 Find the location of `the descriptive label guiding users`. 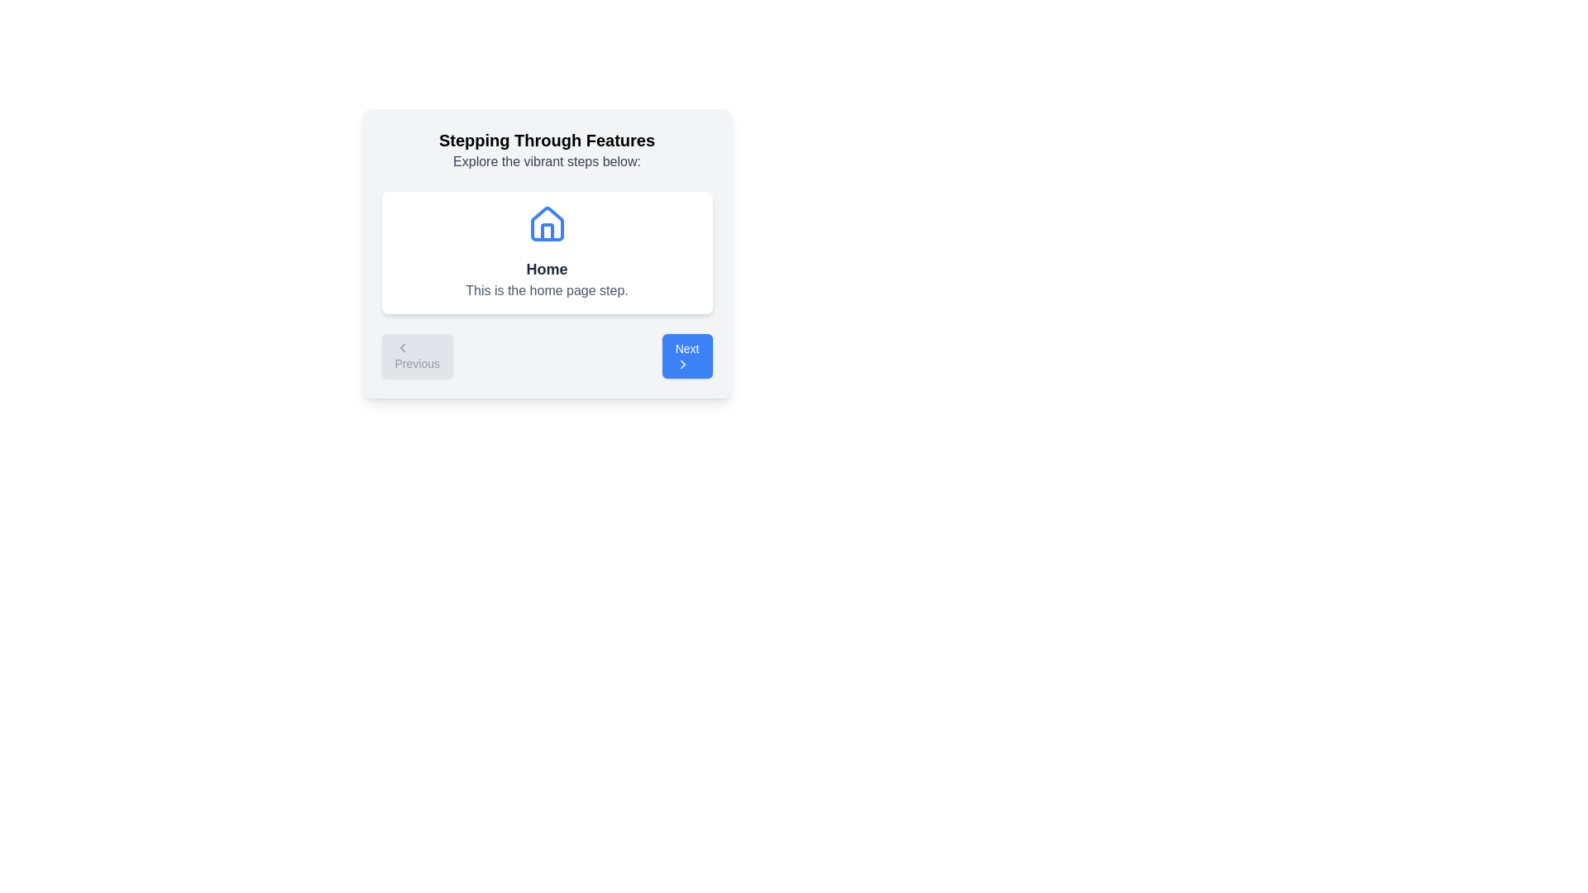

the descriptive label guiding users is located at coordinates (547, 162).